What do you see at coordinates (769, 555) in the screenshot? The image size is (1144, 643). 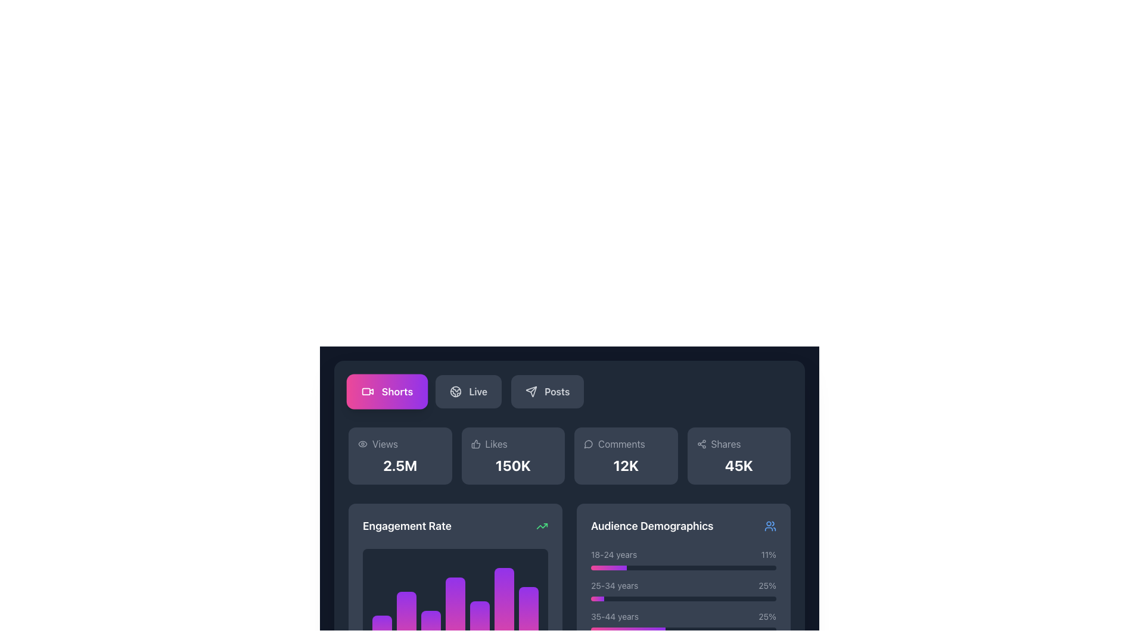 I see `the Text label displaying the percentage value (11%) for the '18-24 years' age demographic in the 'Audience Demographics' section of the dashboard` at bounding box center [769, 555].